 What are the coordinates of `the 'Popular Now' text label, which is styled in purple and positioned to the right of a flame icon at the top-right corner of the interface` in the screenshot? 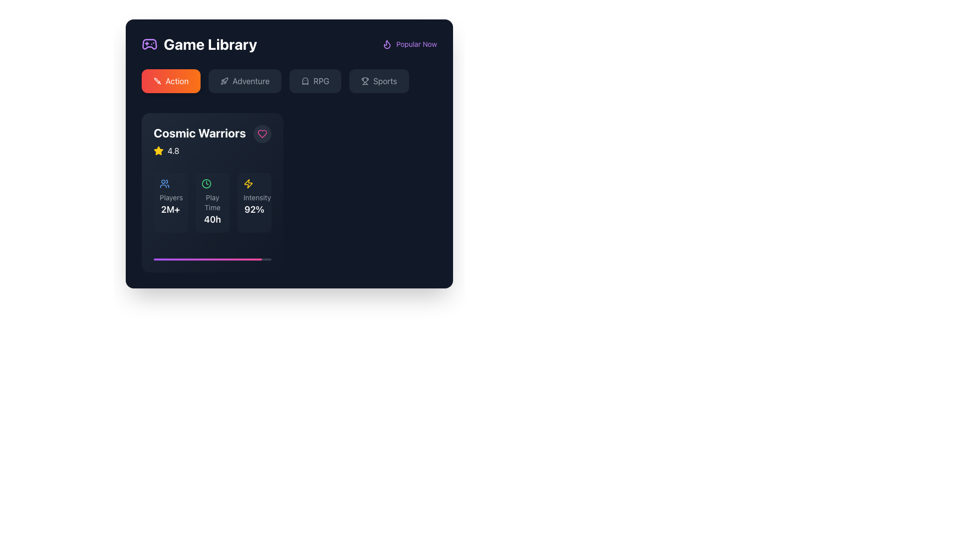 It's located at (417, 43).